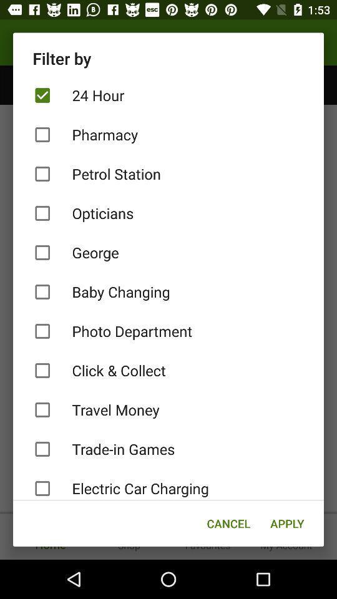  What do you see at coordinates (168, 252) in the screenshot?
I see `item below the opticians icon` at bounding box center [168, 252].